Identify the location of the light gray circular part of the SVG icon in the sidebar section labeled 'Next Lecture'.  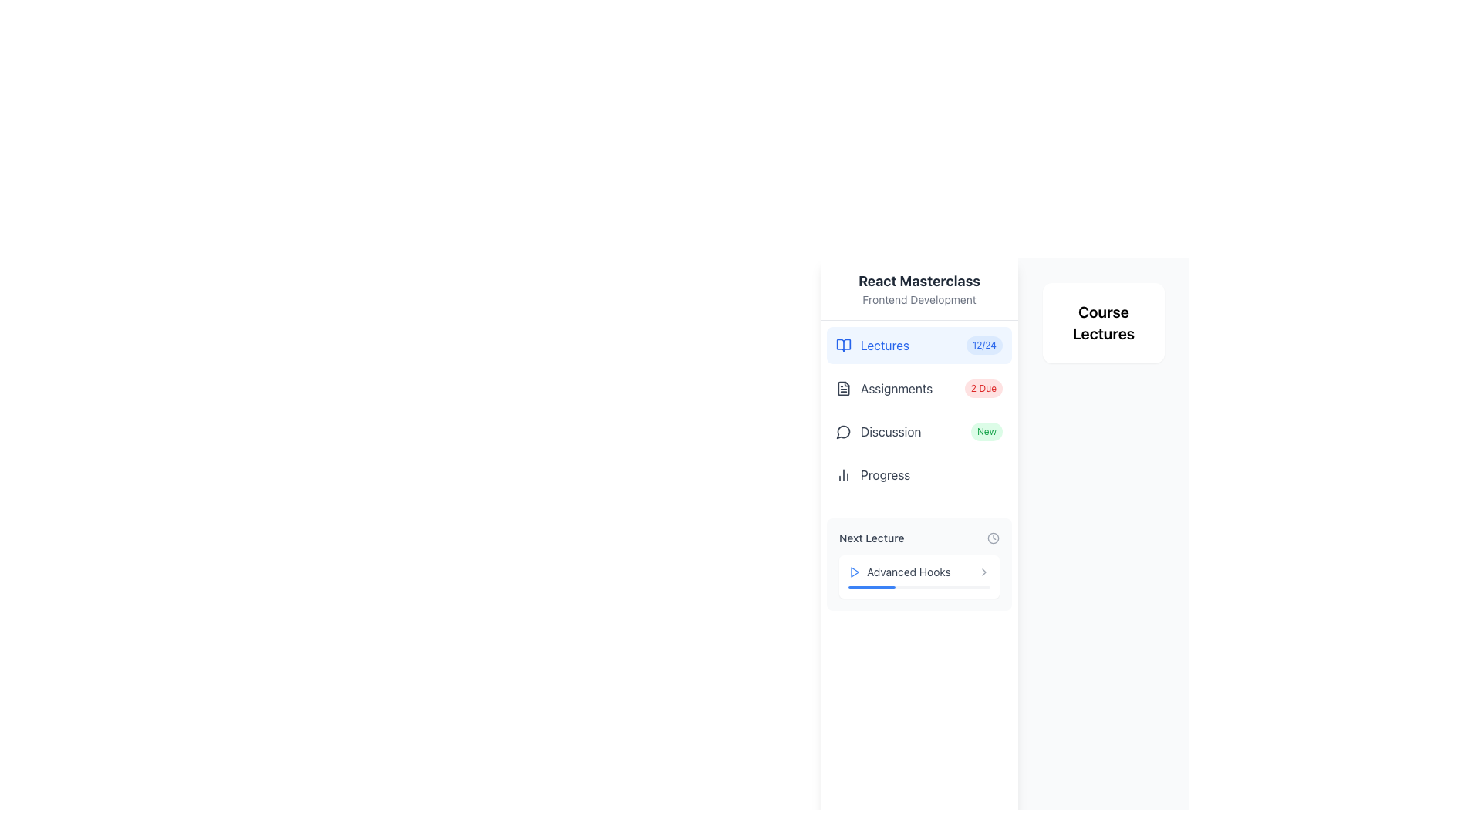
(993, 538).